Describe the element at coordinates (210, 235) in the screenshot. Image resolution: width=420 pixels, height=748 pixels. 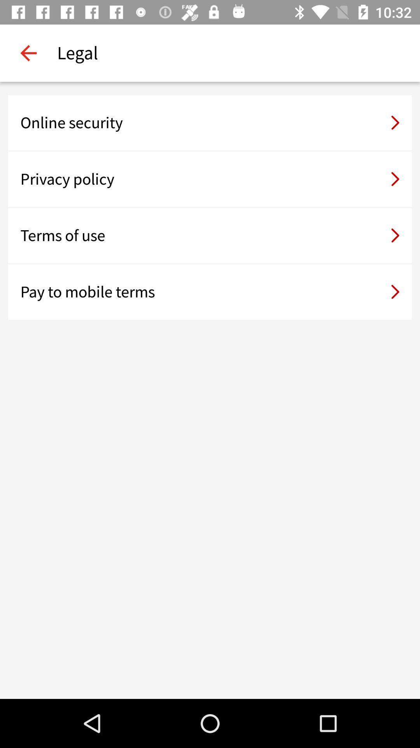
I see `the terms of use` at that location.